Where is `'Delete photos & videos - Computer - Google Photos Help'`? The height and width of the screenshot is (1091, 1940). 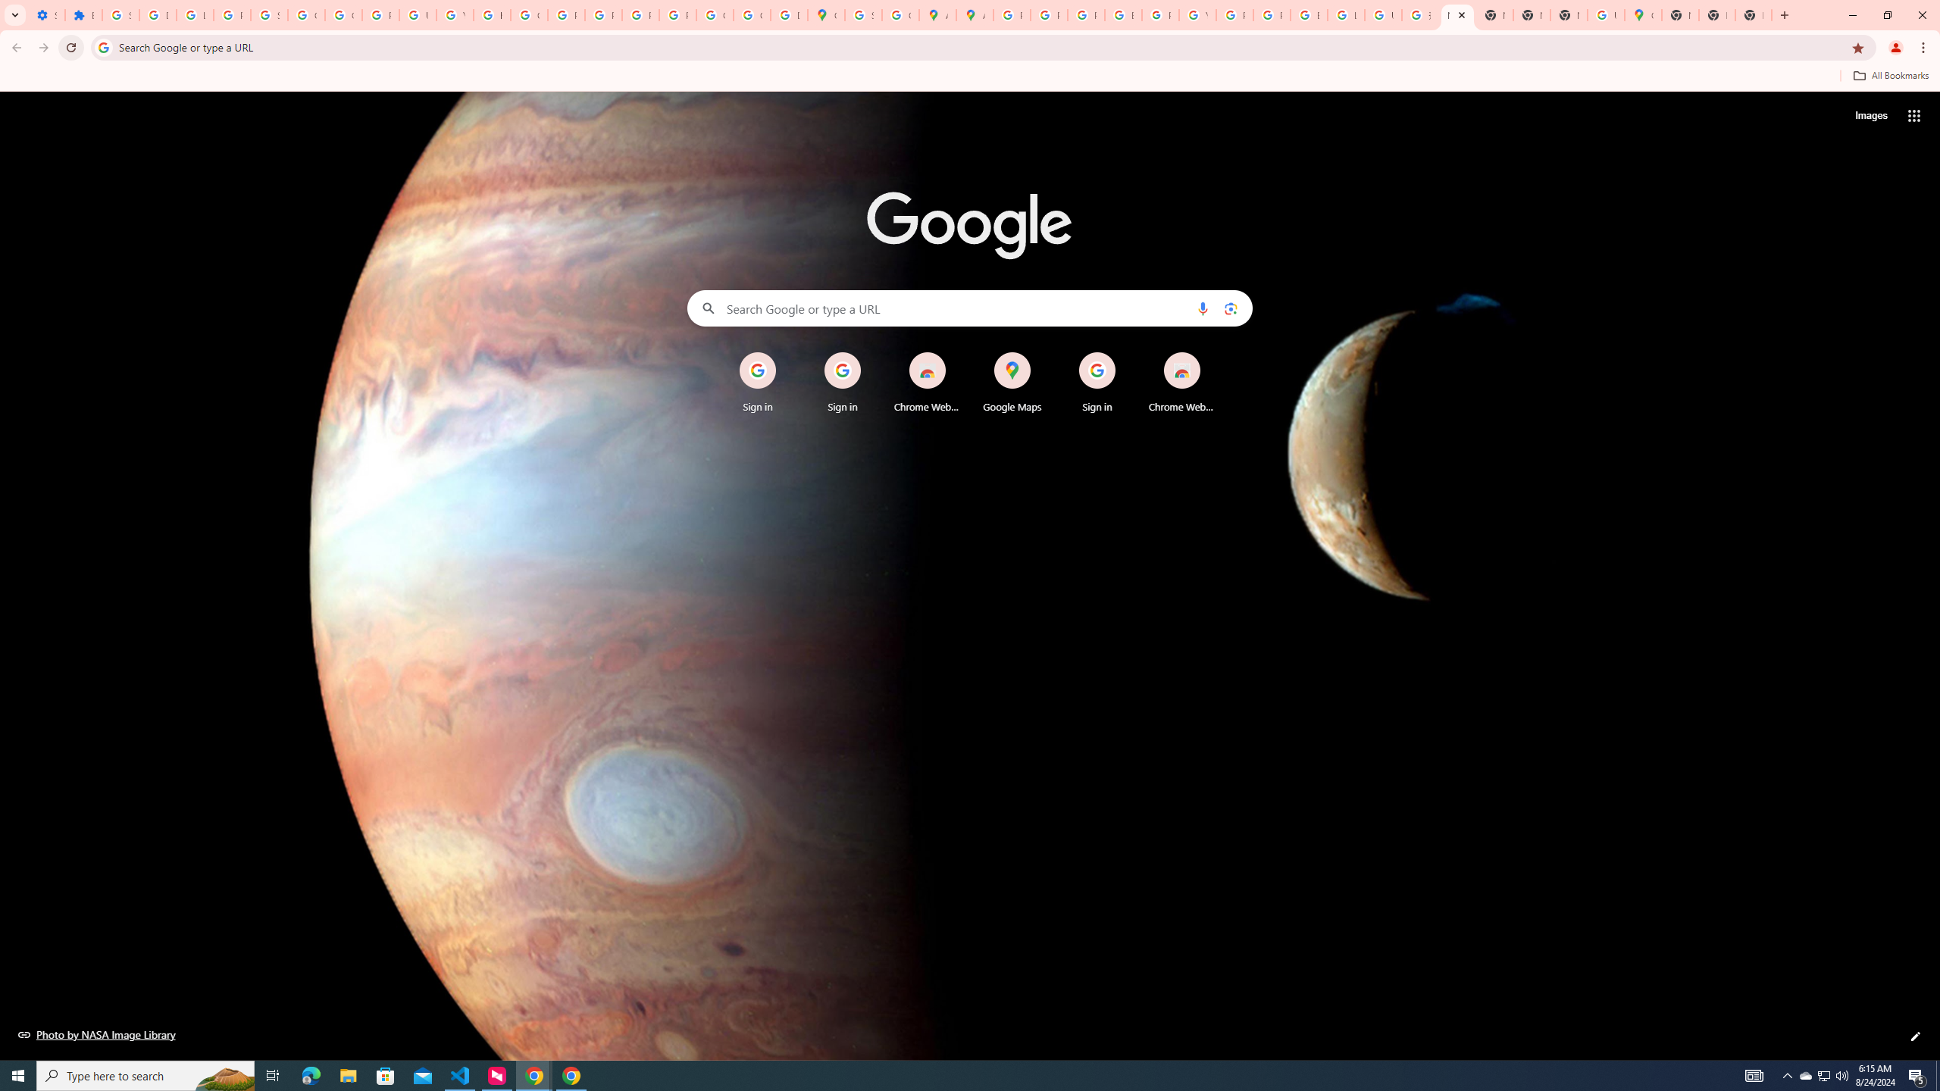
'Delete photos & videos - Computer - Google Photos Help' is located at coordinates (157, 14).